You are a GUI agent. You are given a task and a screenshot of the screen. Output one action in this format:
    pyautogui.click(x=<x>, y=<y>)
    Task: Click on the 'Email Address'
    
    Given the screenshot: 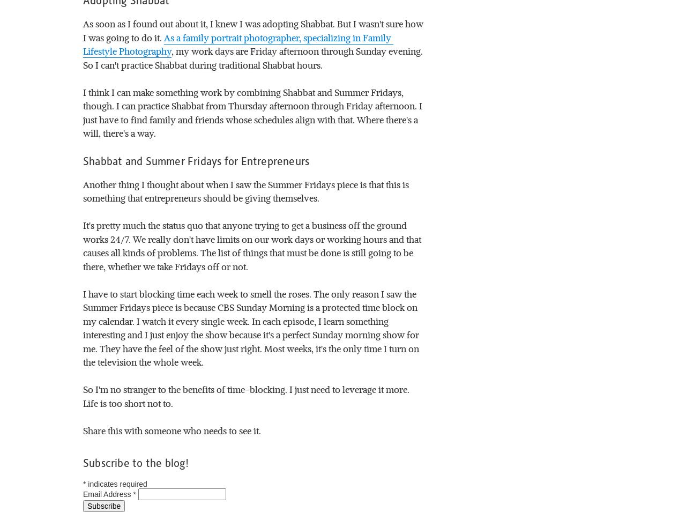 What is the action you would take?
    pyautogui.click(x=108, y=494)
    